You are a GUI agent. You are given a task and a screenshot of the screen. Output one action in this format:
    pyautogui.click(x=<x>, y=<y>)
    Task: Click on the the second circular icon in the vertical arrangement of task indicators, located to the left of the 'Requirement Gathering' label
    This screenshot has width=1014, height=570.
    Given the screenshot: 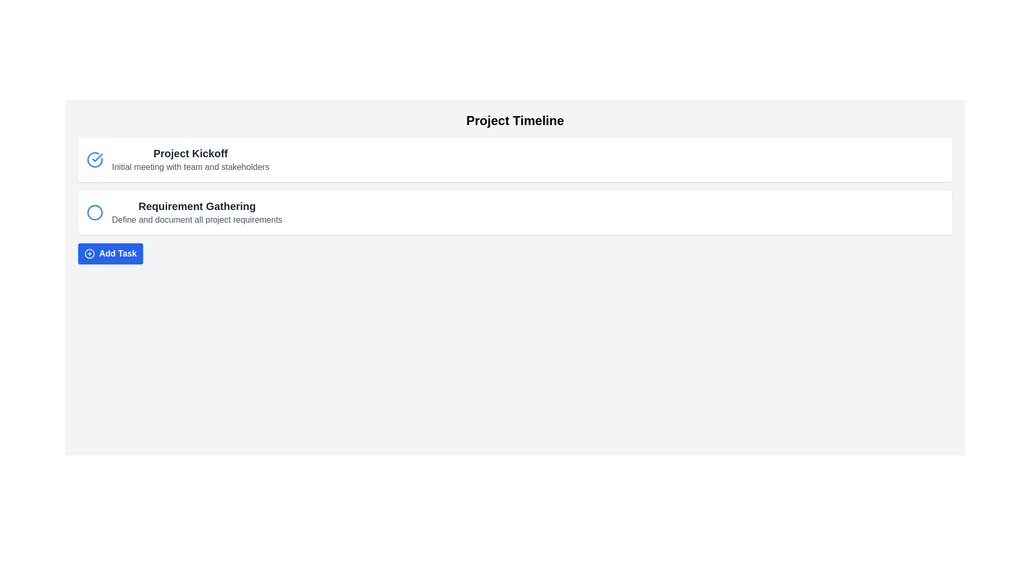 What is the action you would take?
    pyautogui.click(x=95, y=212)
    